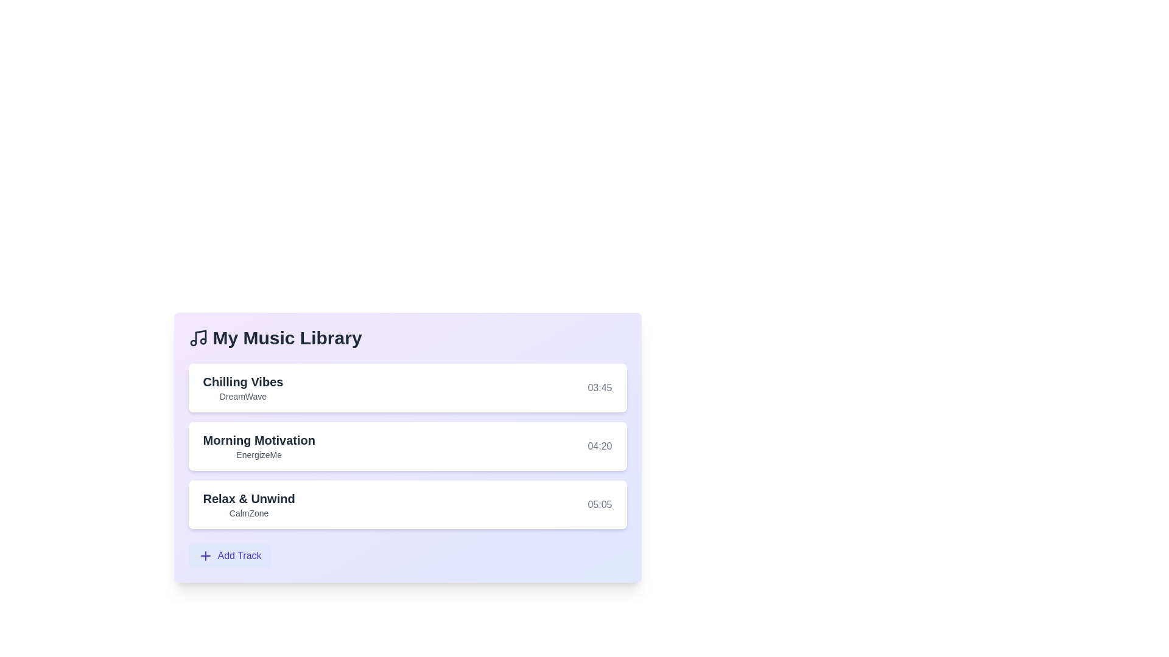  I want to click on the track Morning Motivation from the list, so click(407, 446).